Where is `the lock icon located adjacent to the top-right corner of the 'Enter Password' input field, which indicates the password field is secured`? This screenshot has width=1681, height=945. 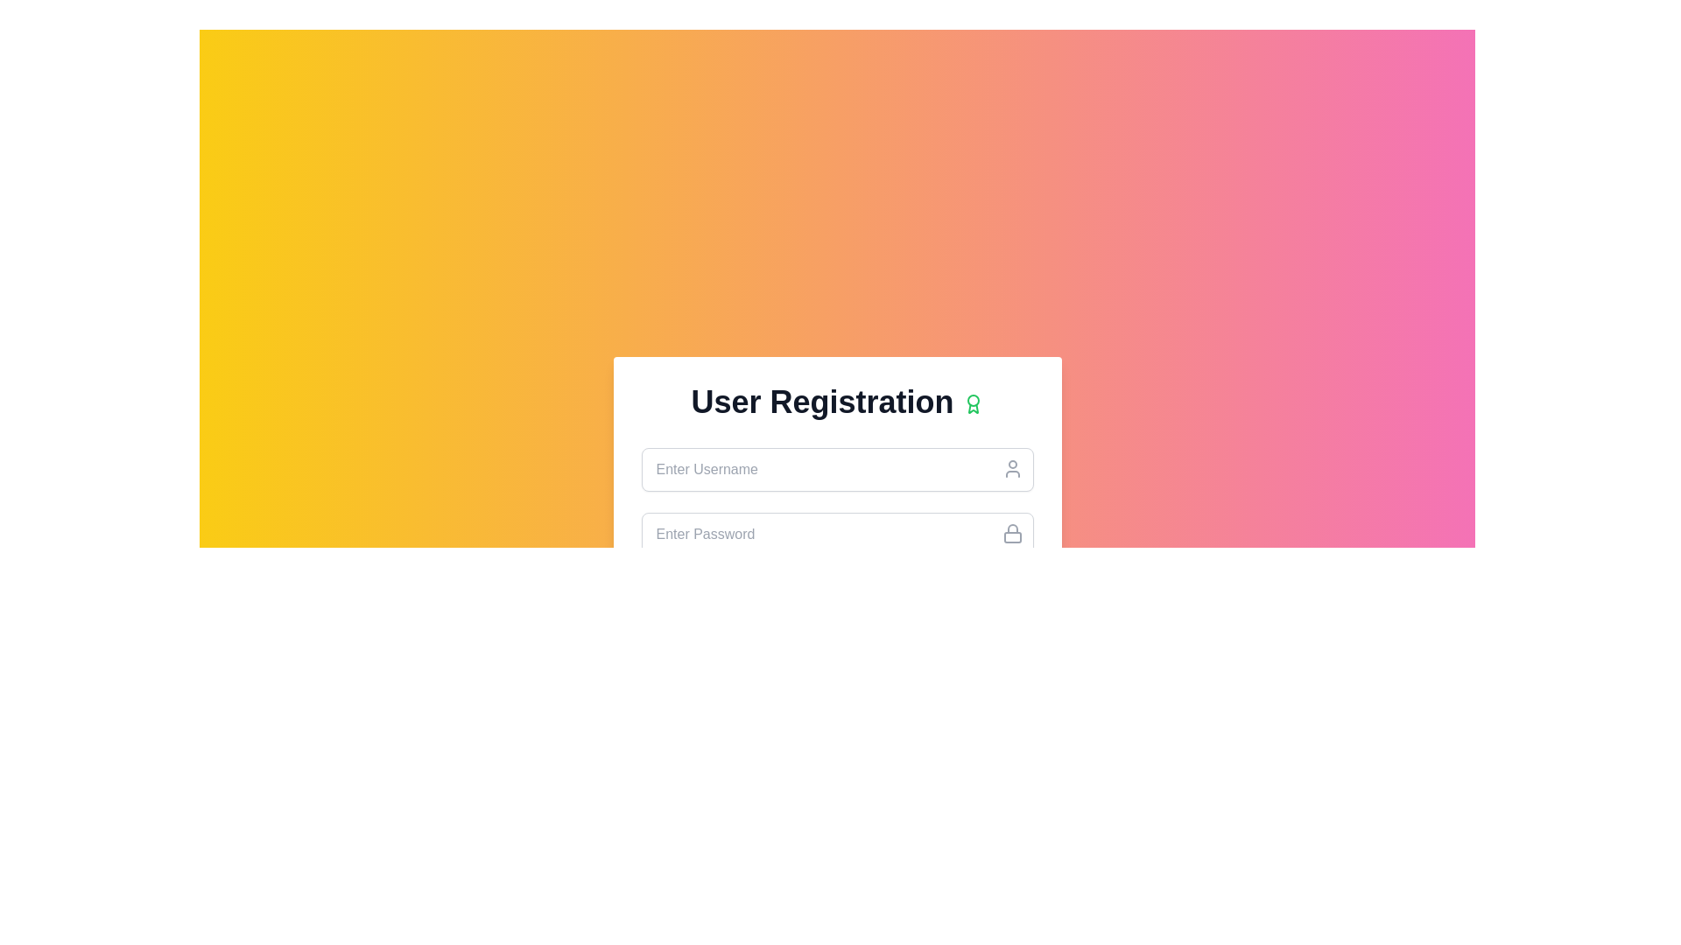 the lock icon located adjacent to the top-right corner of the 'Enter Password' input field, which indicates the password field is secured is located at coordinates (1012, 532).